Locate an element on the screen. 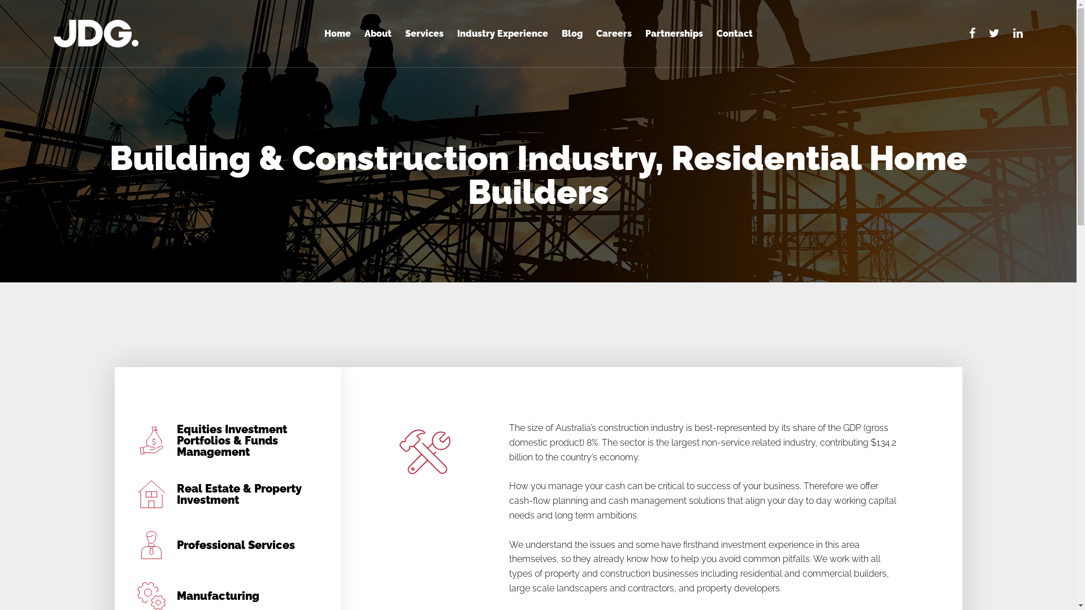  'About' is located at coordinates (377, 36).